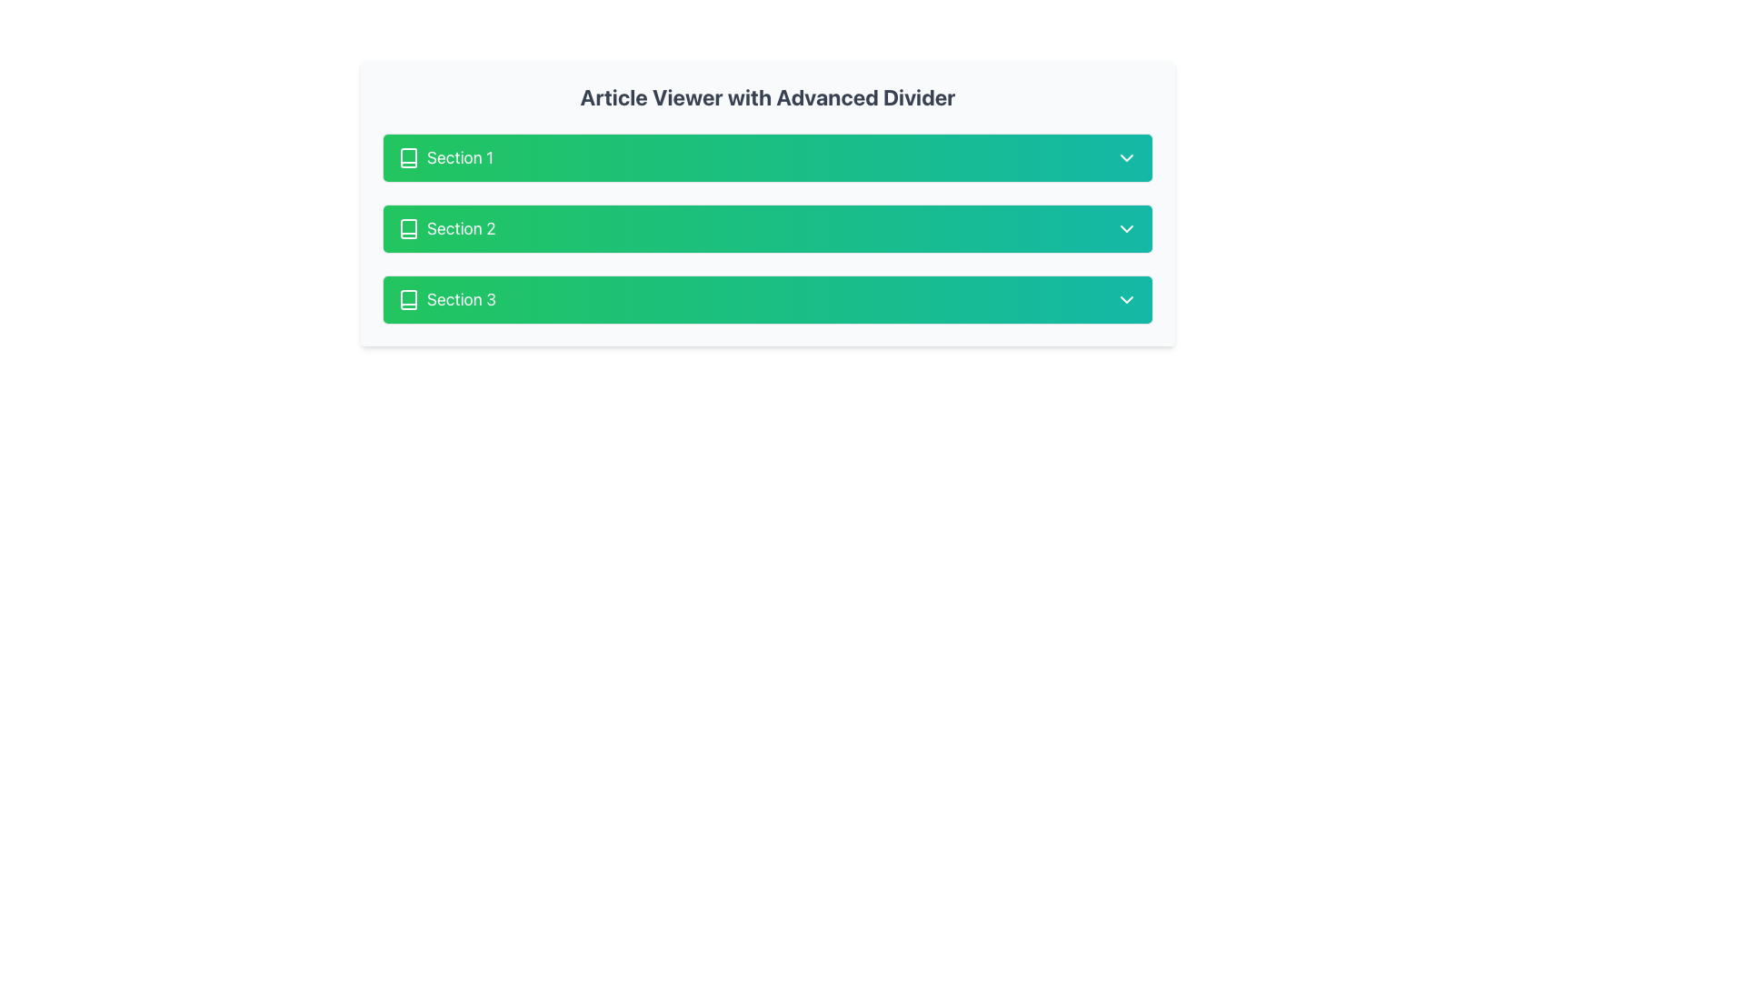  Describe the element at coordinates (445, 156) in the screenshot. I see `the text label that serves as the title for the first section in a multi-section layout, located next to a book icon` at that location.